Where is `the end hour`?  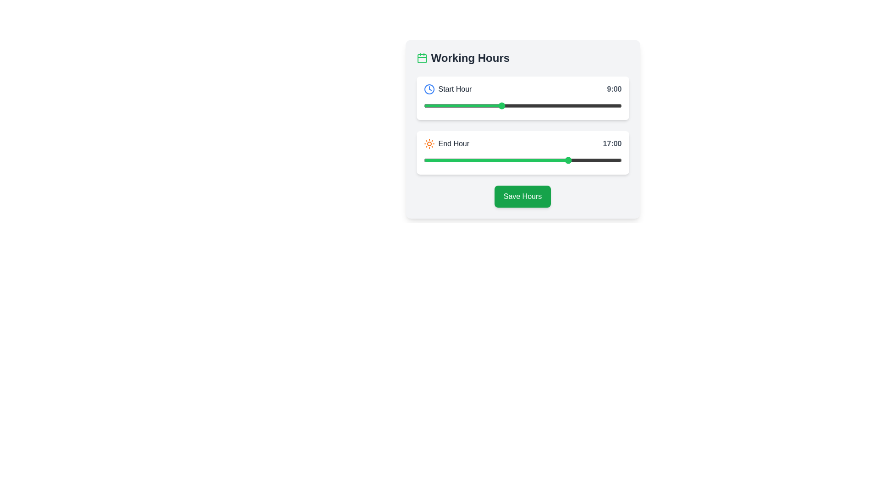 the end hour is located at coordinates (518, 160).